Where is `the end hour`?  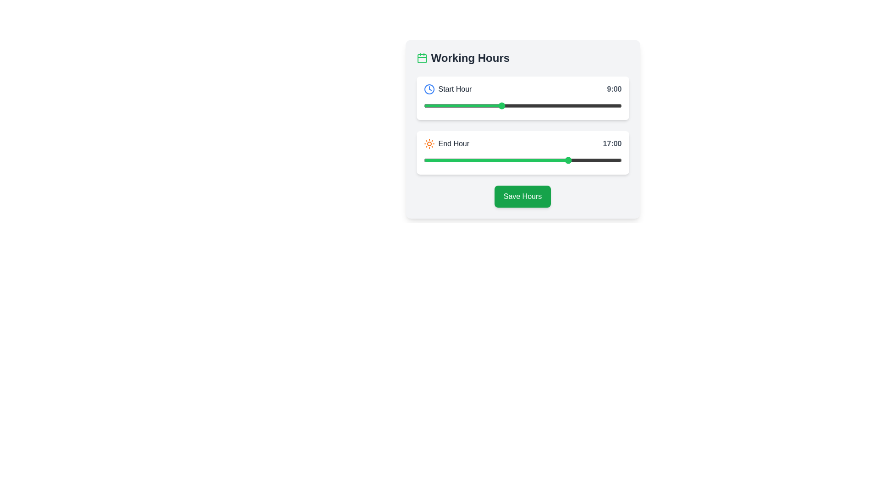 the end hour is located at coordinates (518, 160).